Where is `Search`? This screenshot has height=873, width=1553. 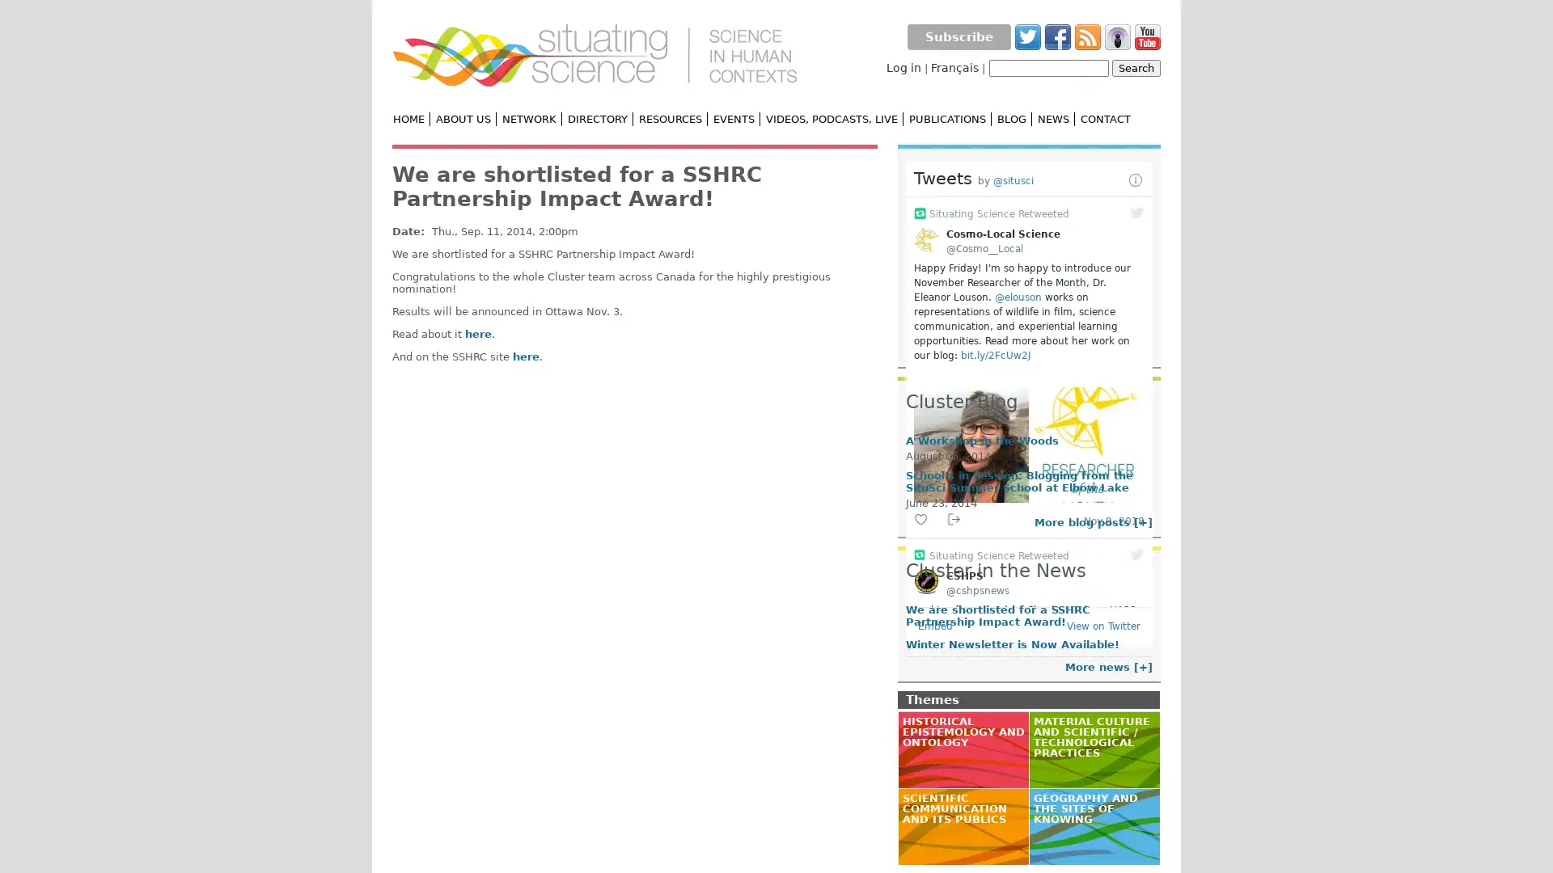
Search is located at coordinates (1136, 67).